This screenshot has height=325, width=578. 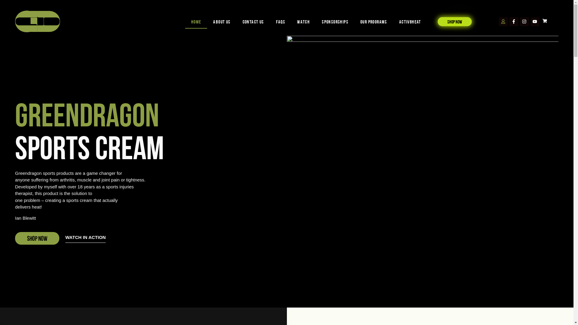 What do you see at coordinates (393, 21) in the screenshot?
I see `'Activ8Heat'` at bounding box center [393, 21].